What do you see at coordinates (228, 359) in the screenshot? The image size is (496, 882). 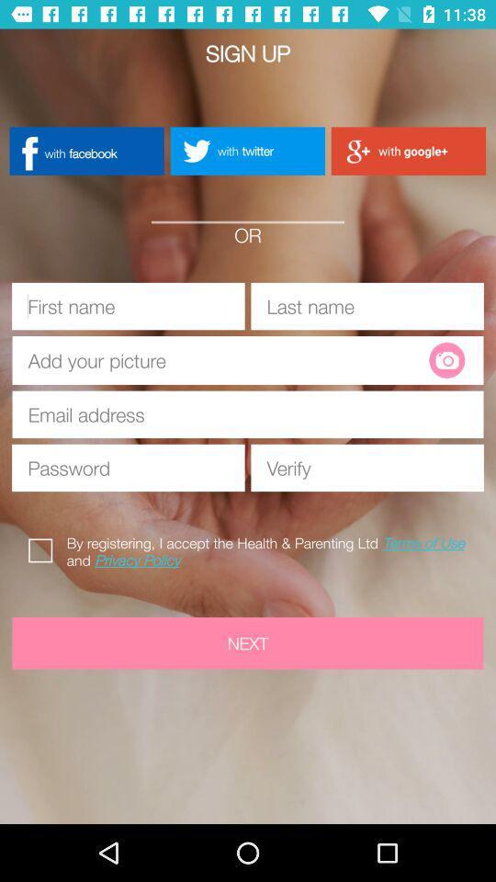 I see `option to add picture` at bounding box center [228, 359].